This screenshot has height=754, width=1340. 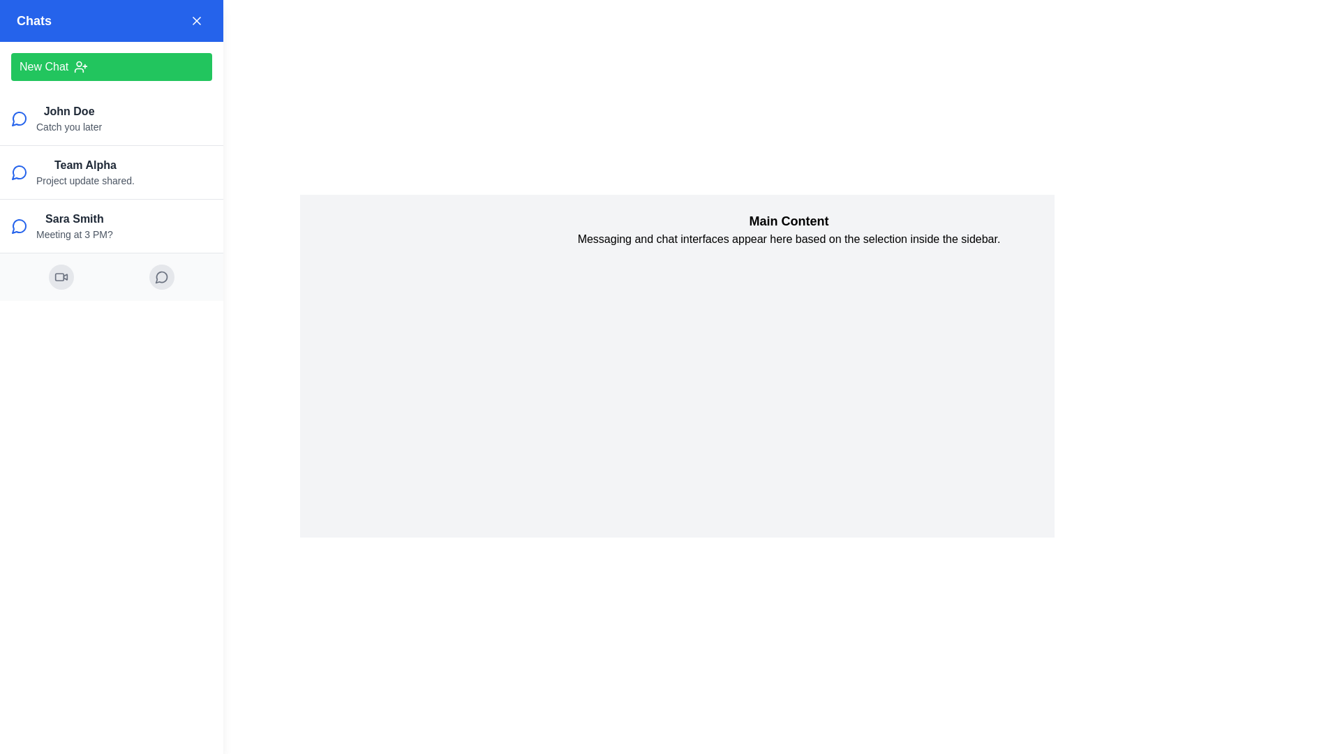 What do you see at coordinates (73, 219) in the screenshot?
I see `the static text element displaying 'Sara Smith' in the chat participants list within the sidebar, which is bold and dark gray, located under the 'Chats' header` at bounding box center [73, 219].